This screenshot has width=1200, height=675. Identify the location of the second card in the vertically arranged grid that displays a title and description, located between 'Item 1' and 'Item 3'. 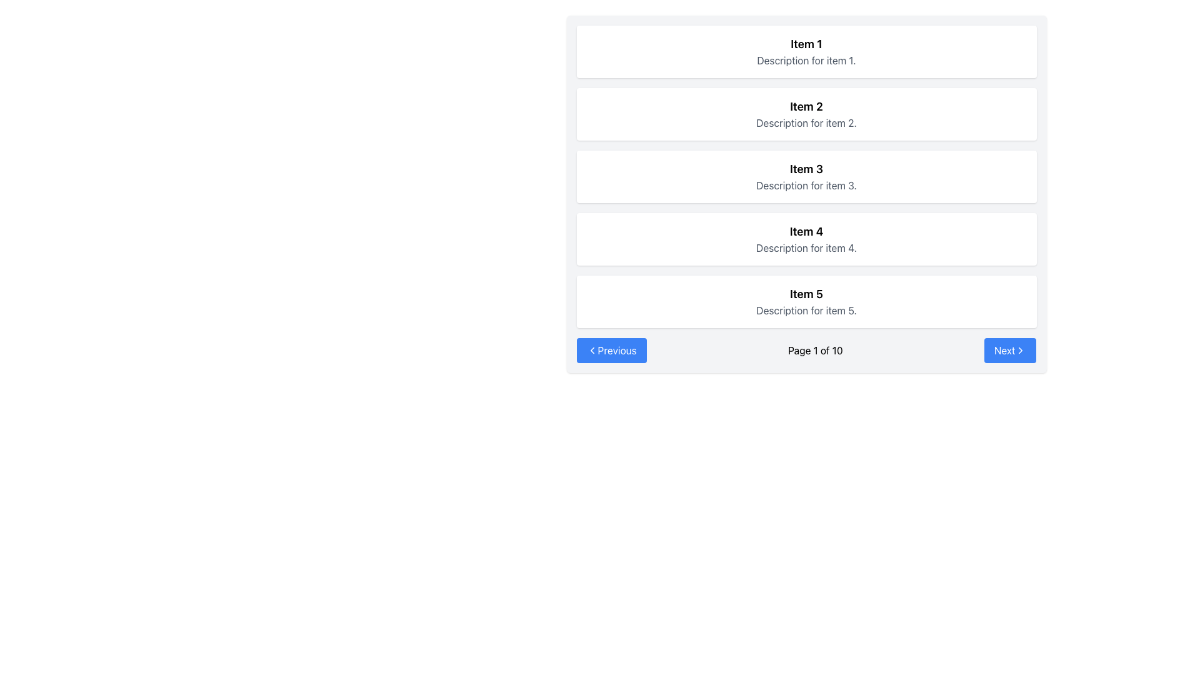
(806, 114).